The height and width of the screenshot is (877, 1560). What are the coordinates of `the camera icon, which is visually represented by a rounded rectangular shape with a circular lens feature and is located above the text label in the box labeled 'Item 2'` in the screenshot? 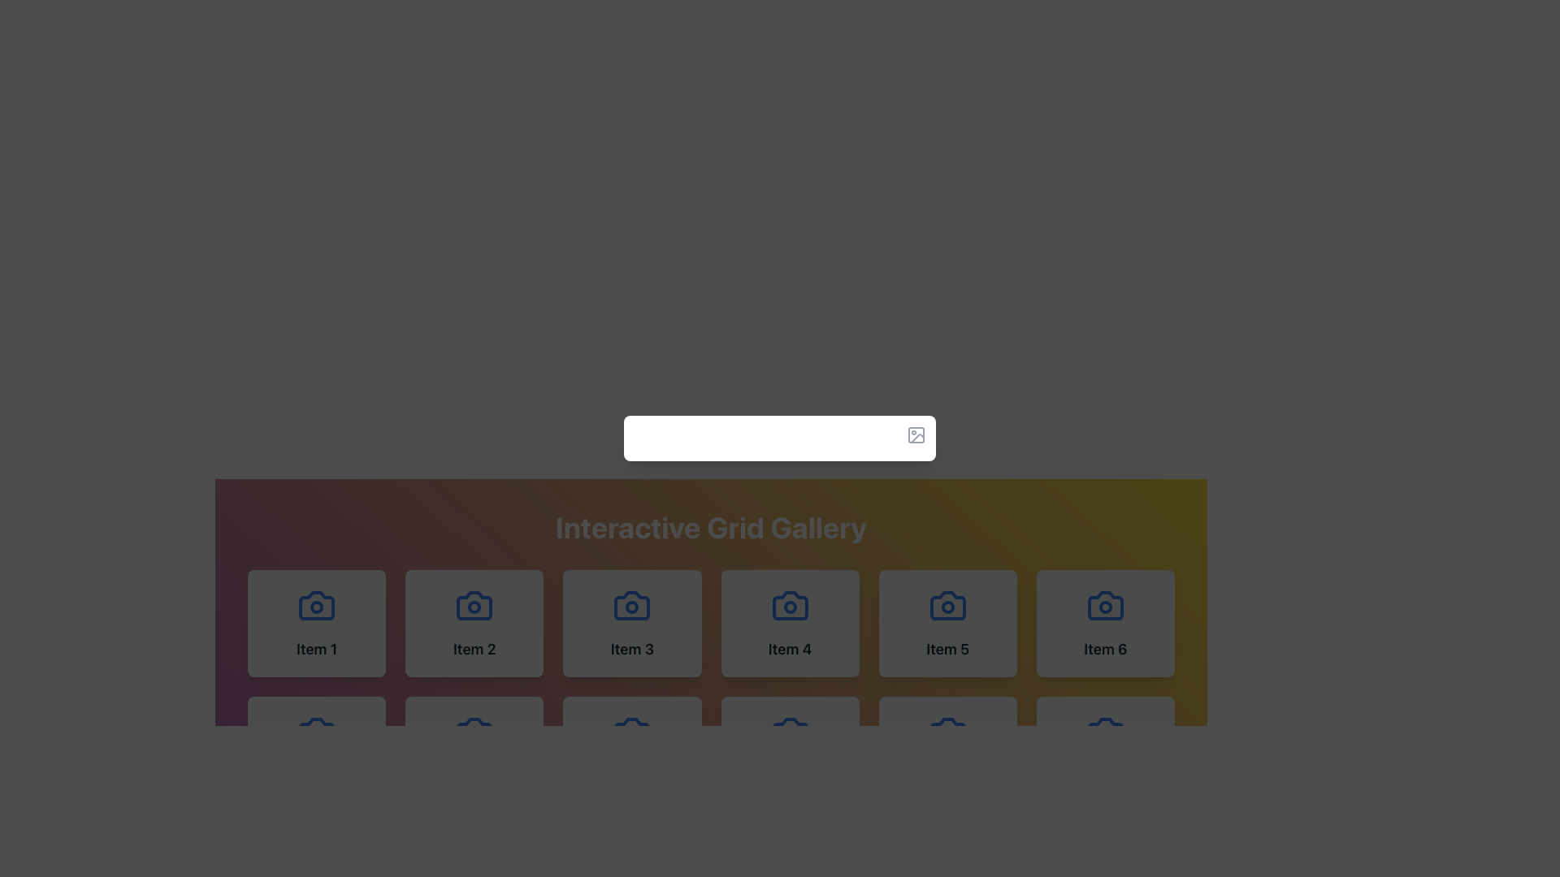 It's located at (474, 605).